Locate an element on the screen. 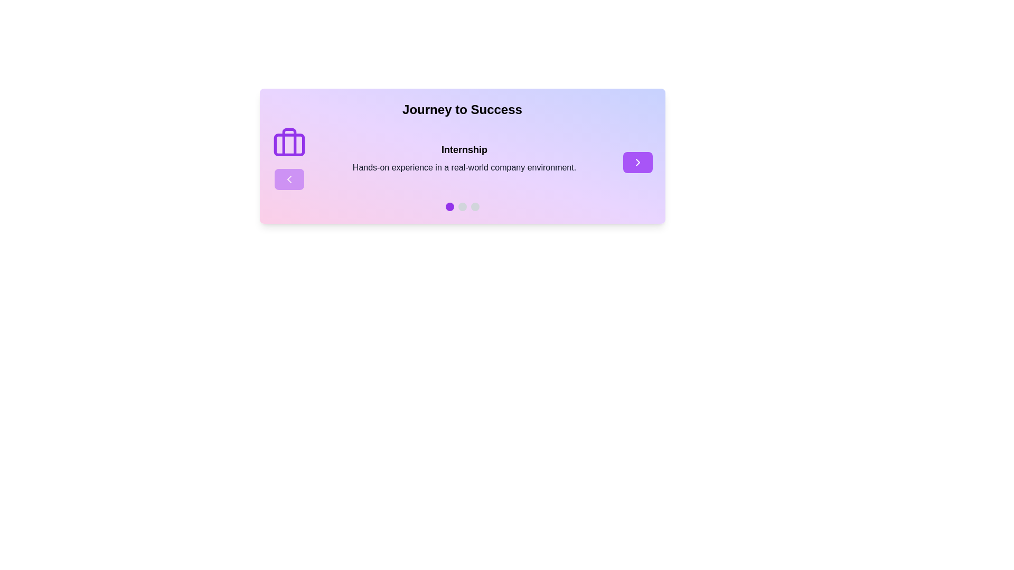  the large, bold text element reading 'Journey to Success', which is centered at the top of the component and styled against a gradient background is located at coordinates (462, 110).